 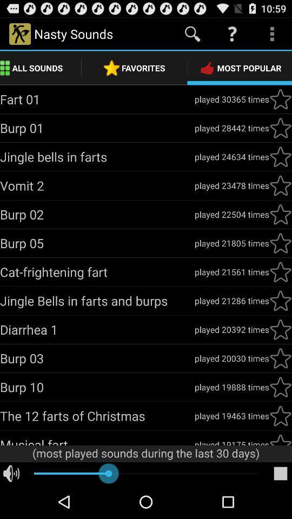 I want to click on the volume icon, so click(x=11, y=507).